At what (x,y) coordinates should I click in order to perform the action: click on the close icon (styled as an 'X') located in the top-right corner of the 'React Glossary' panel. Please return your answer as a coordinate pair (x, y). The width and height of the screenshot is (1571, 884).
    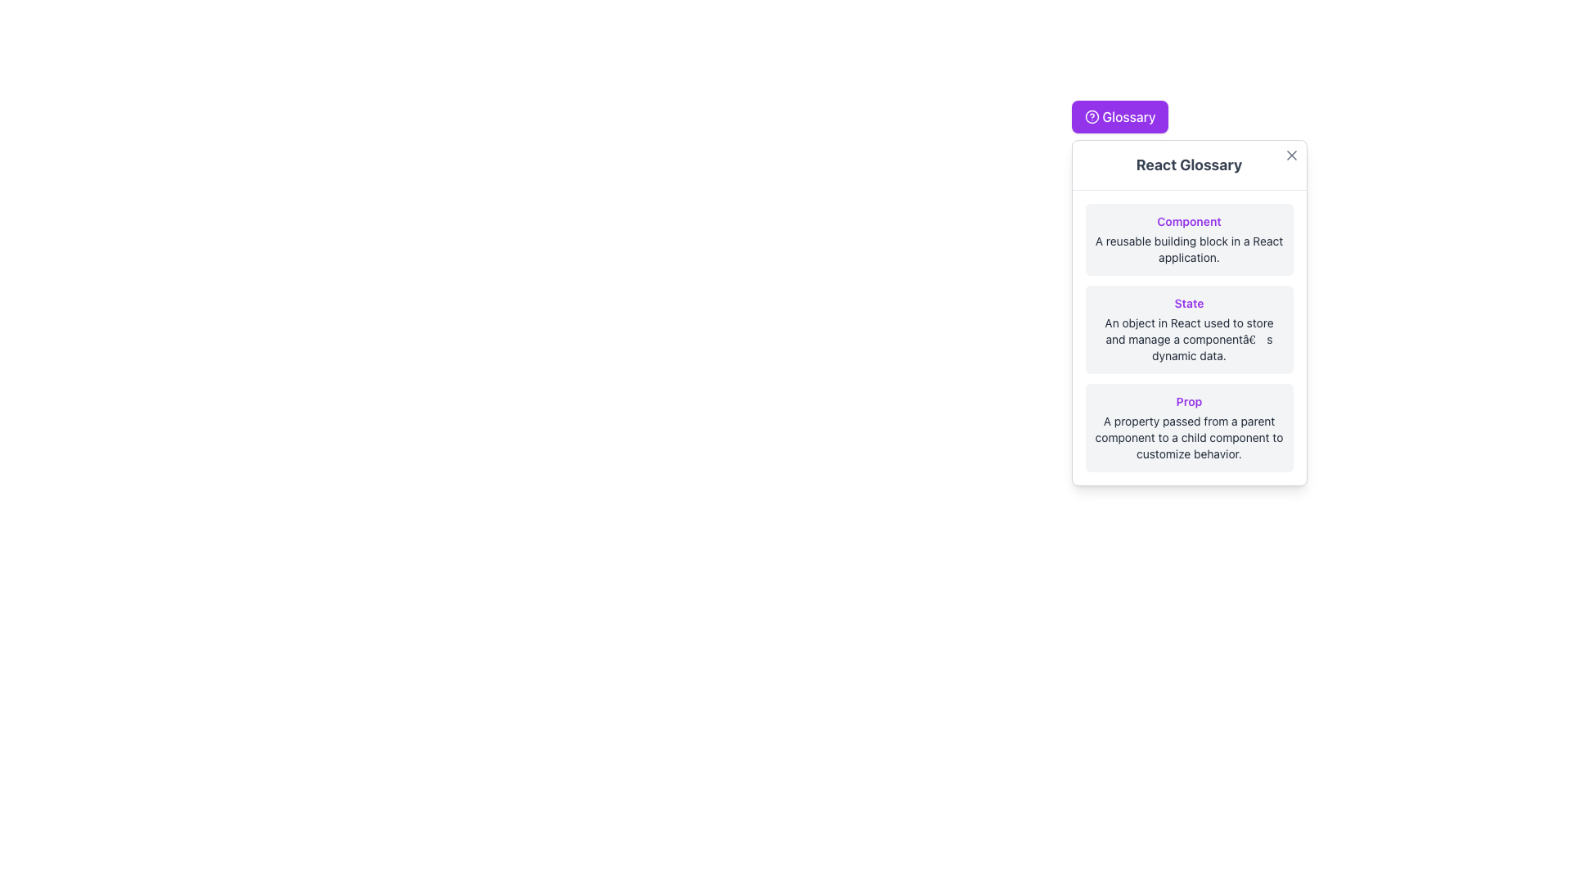
    Looking at the image, I should click on (1290, 155).